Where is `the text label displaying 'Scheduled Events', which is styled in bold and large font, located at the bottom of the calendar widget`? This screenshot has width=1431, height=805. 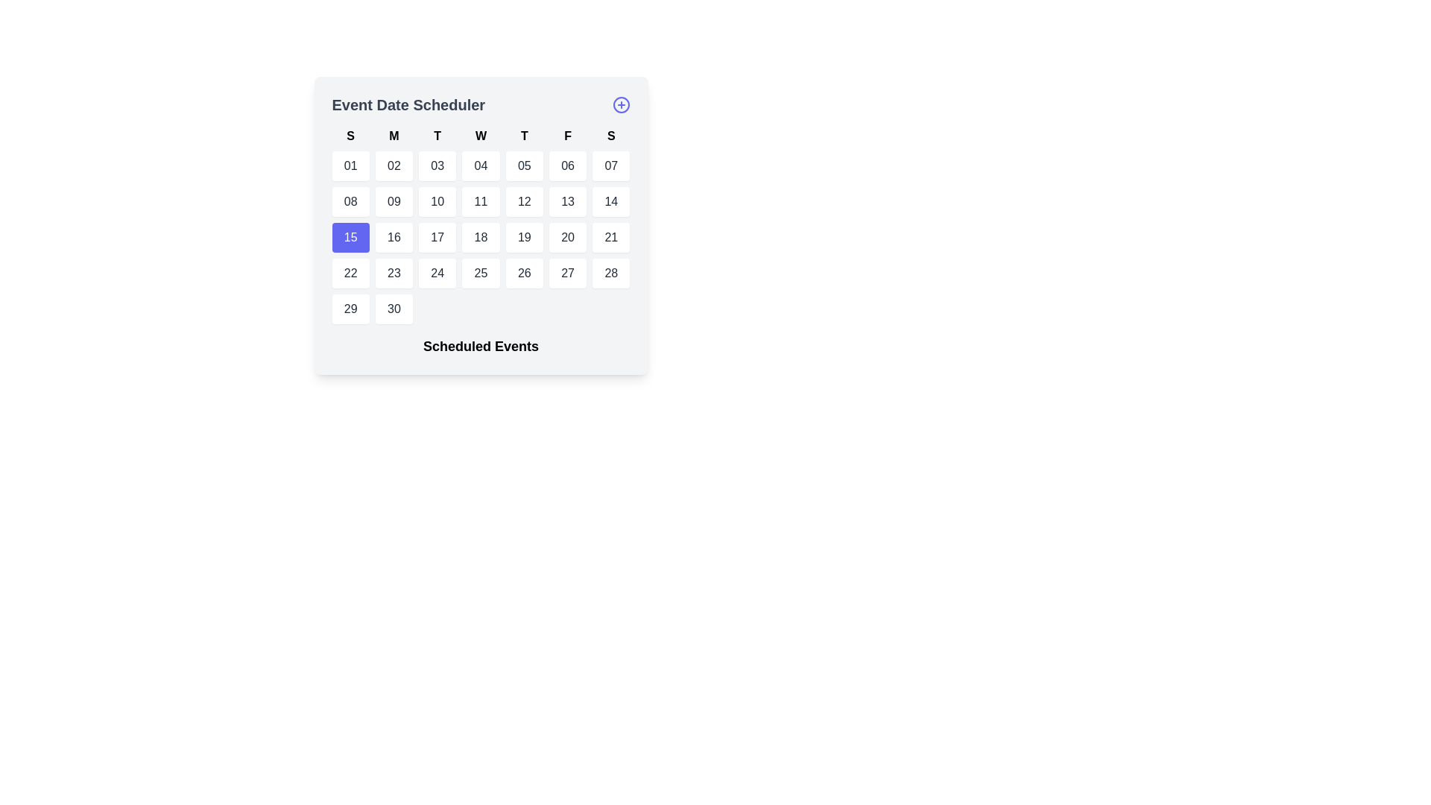
the text label displaying 'Scheduled Events', which is styled in bold and large font, located at the bottom of the calendar widget is located at coordinates (481, 347).